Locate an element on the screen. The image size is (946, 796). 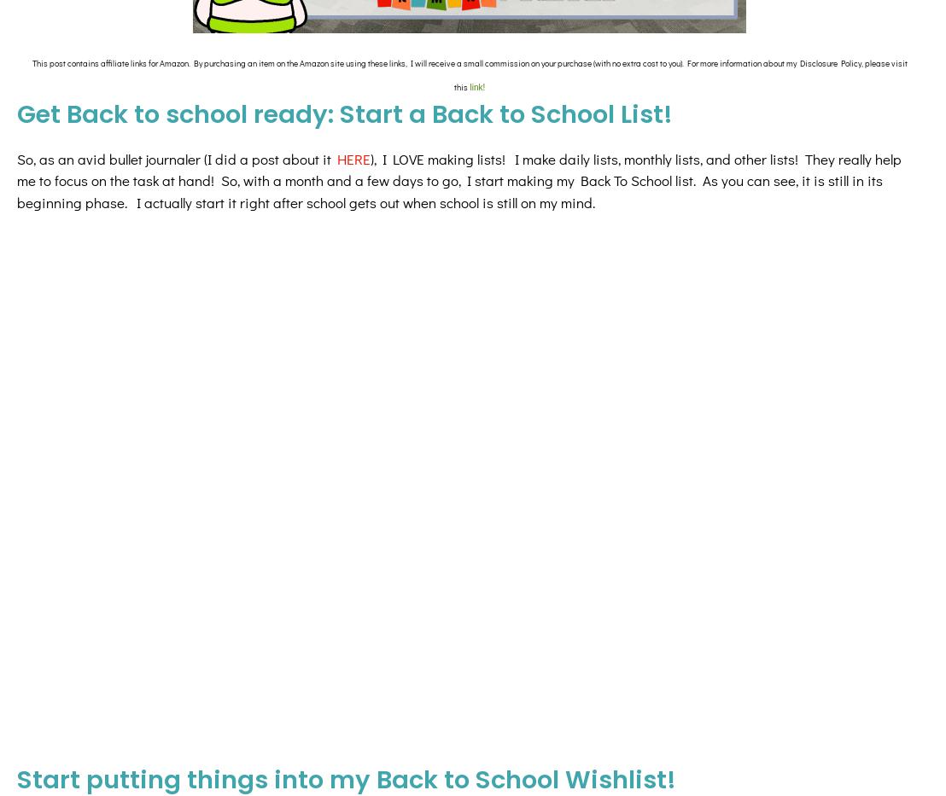
'link!' is located at coordinates (476, 87).